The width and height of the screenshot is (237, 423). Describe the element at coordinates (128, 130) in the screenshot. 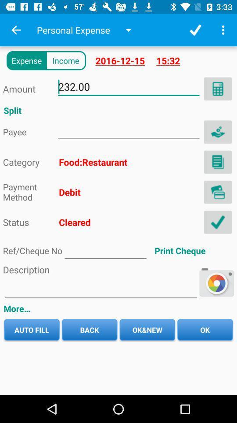

I see `atress page` at that location.